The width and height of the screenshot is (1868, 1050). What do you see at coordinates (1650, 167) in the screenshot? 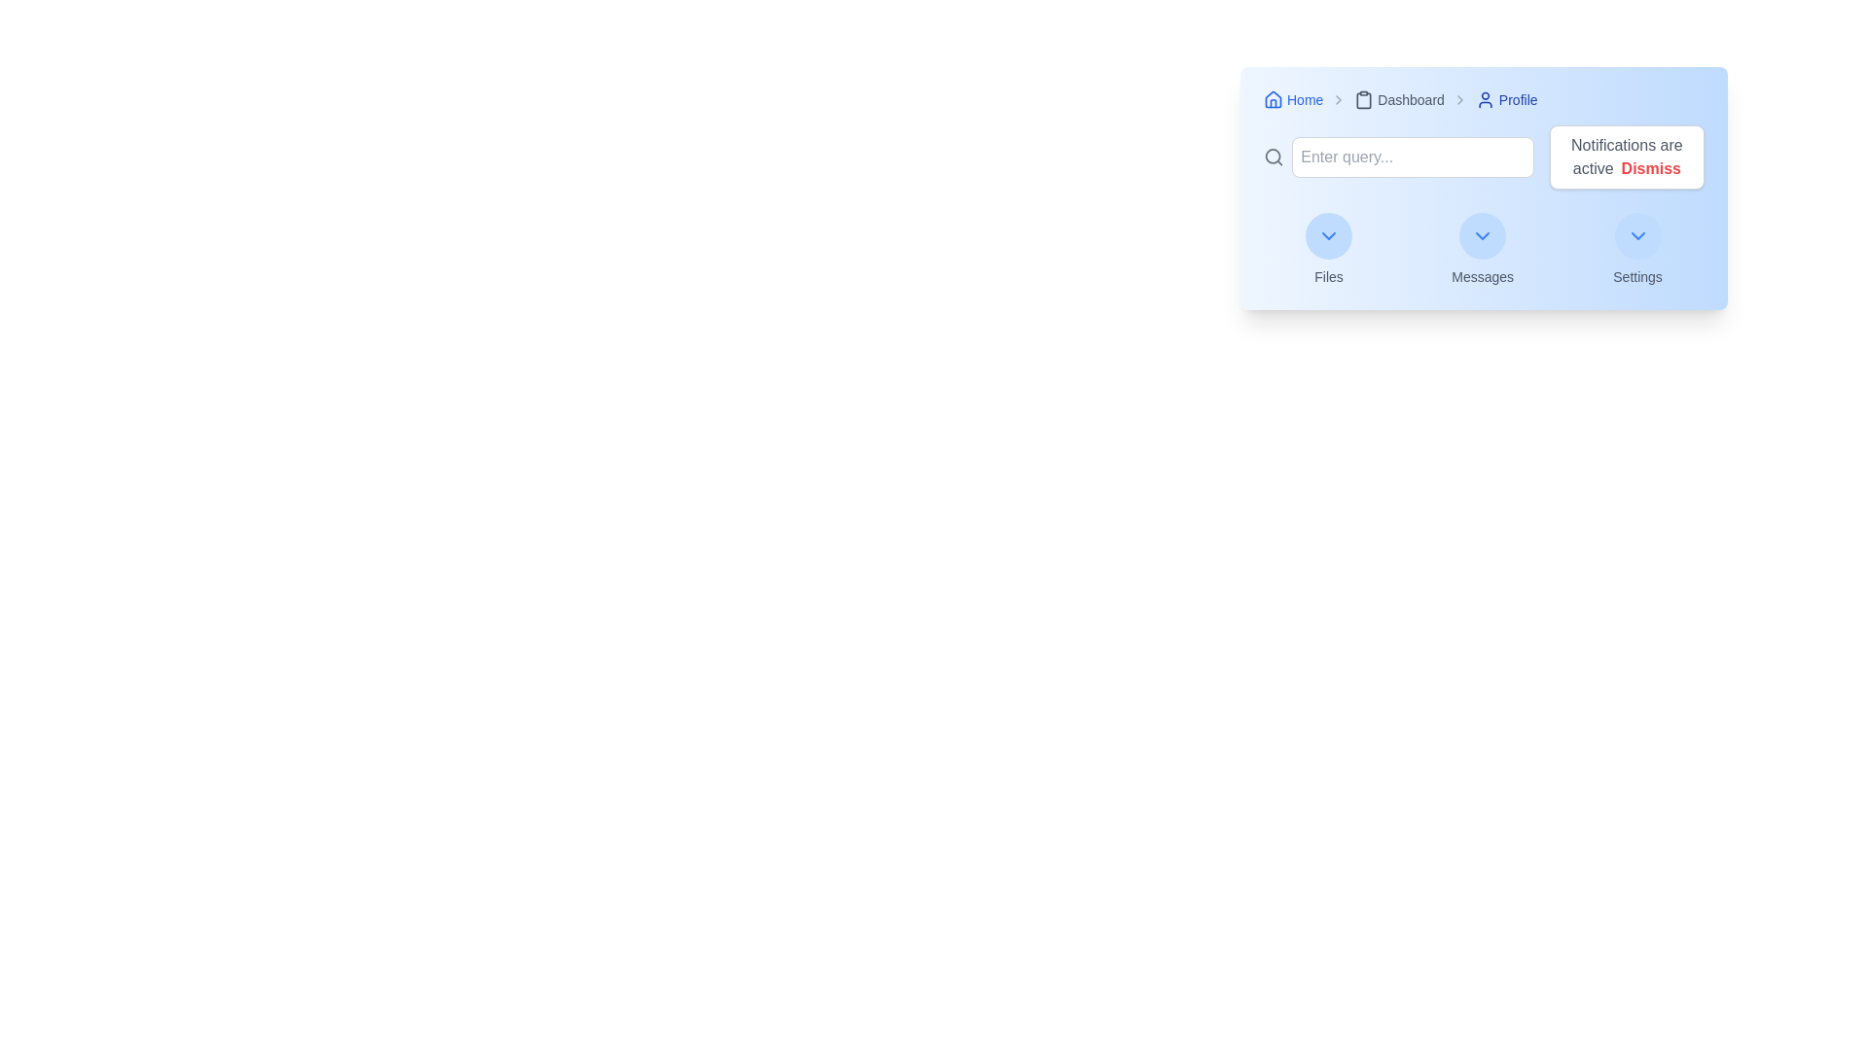
I see `the 'Dismiss' button, which is a bold red text button located in the right part of the notification area, following the text 'Notifications are active'` at bounding box center [1650, 167].